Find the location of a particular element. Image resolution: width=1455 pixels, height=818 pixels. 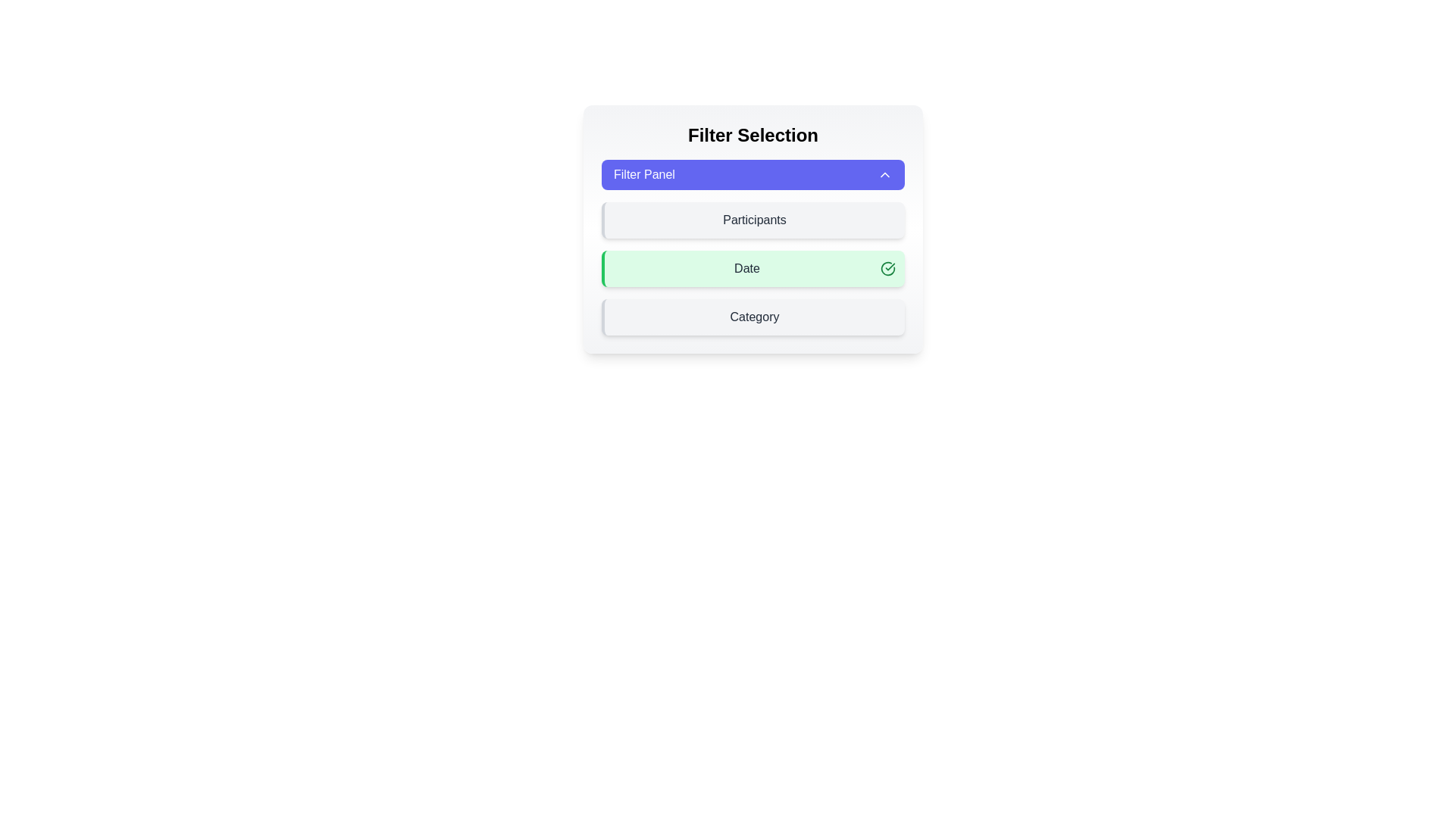

the 'Filter Panel' button to toggle the visibility of the filter panel is located at coordinates (753, 174).